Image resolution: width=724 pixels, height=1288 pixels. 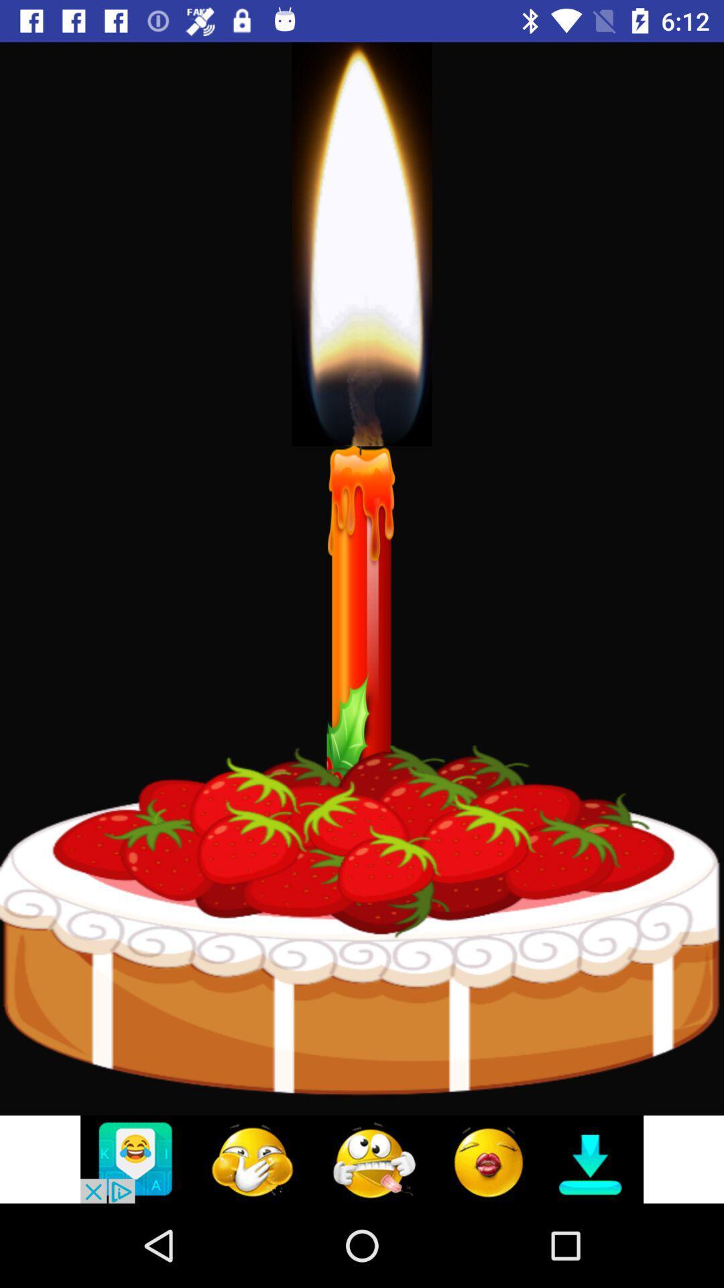 What do you see at coordinates (362, 1159) in the screenshot?
I see `click on advertisement` at bounding box center [362, 1159].